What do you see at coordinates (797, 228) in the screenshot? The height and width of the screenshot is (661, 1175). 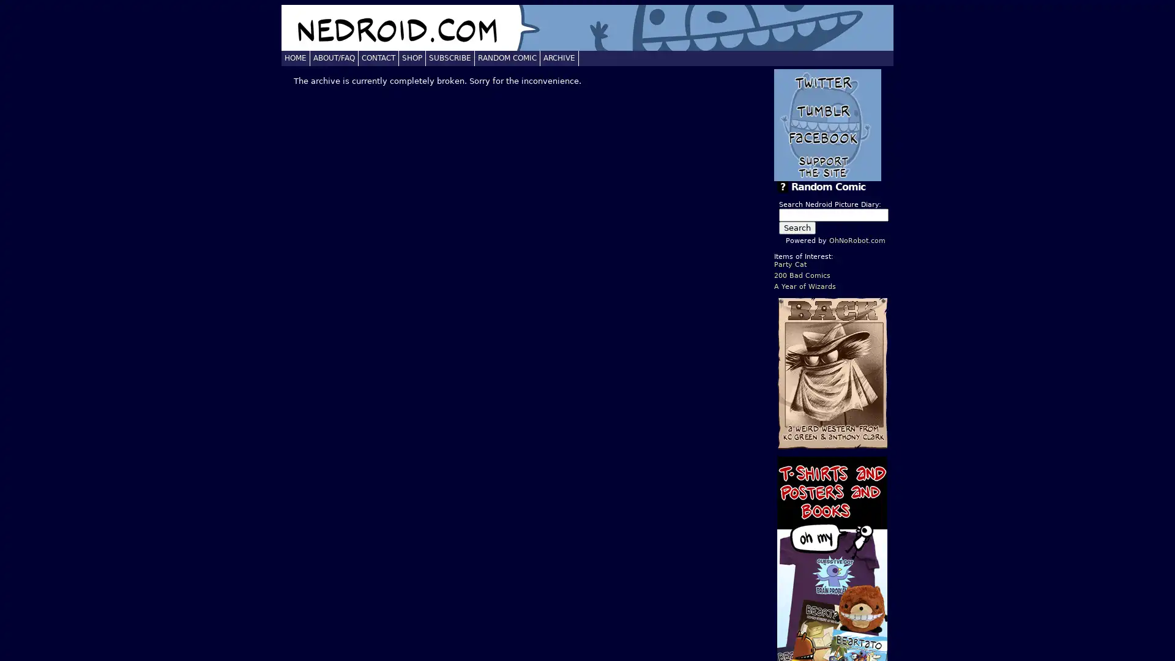 I see `Search` at bounding box center [797, 228].